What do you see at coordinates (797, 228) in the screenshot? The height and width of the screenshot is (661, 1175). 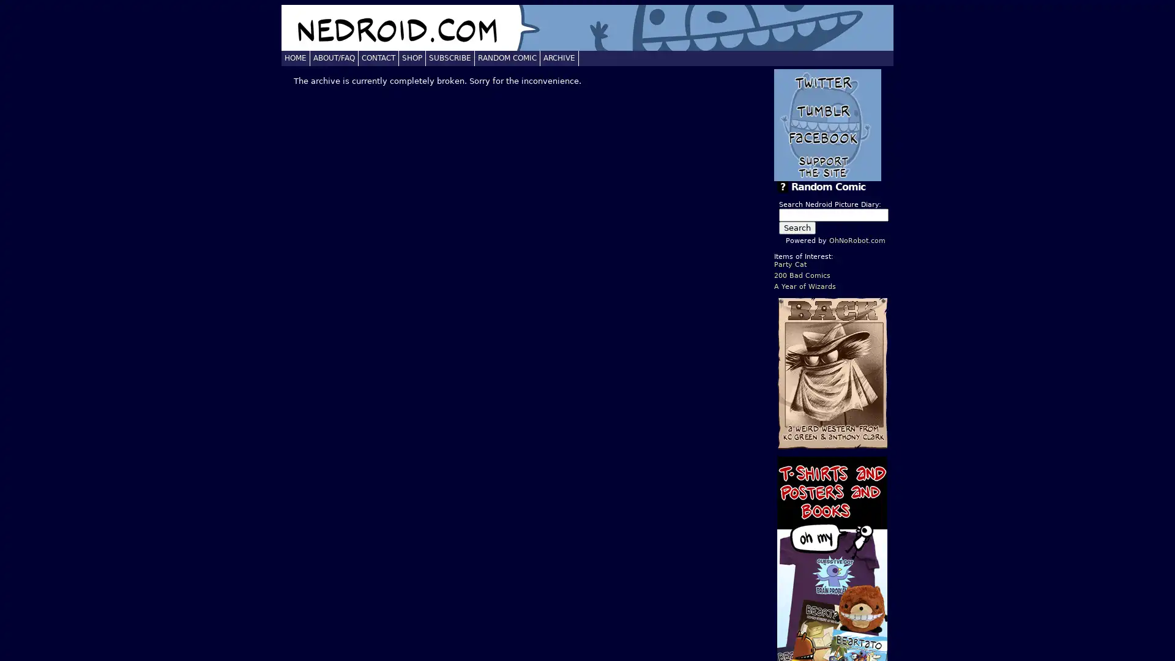 I see `Search` at bounding box center [797, 228].